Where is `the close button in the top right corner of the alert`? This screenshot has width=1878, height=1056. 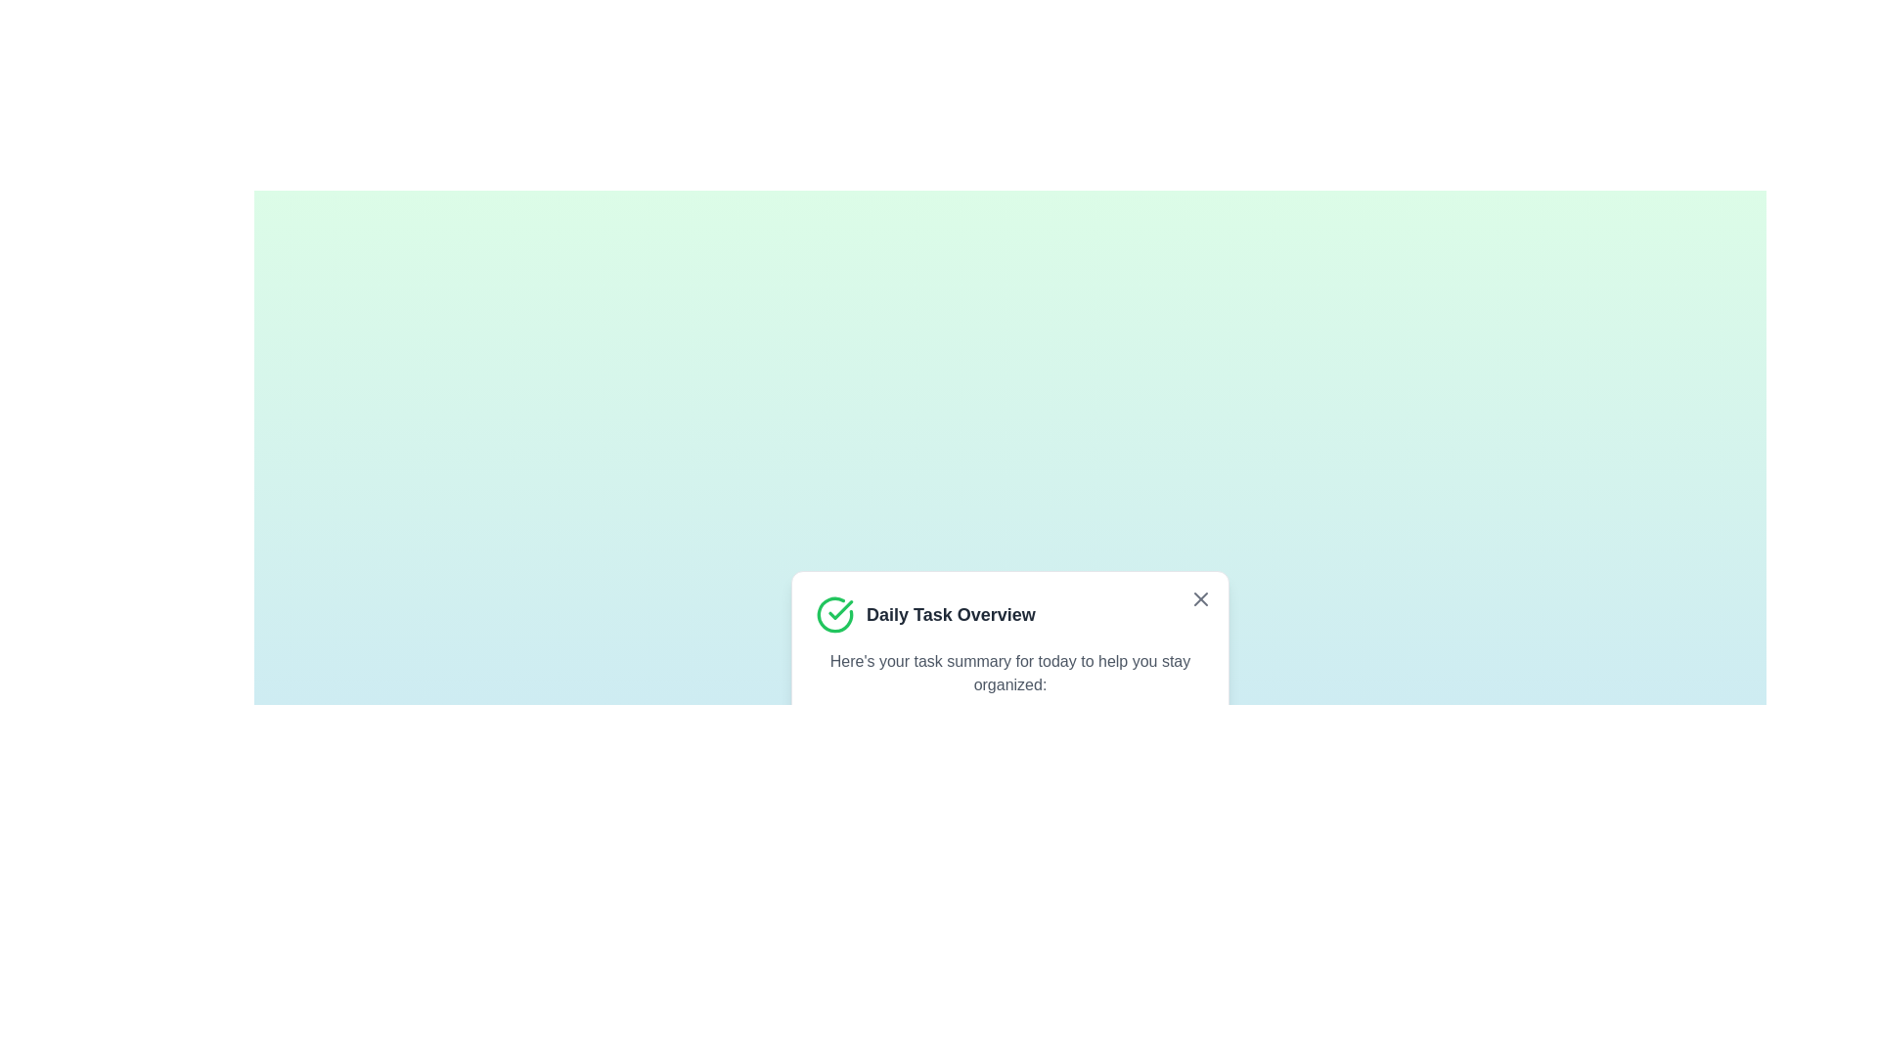
the close button in the top right corner of the alert is located at coordinates (1200, 598).